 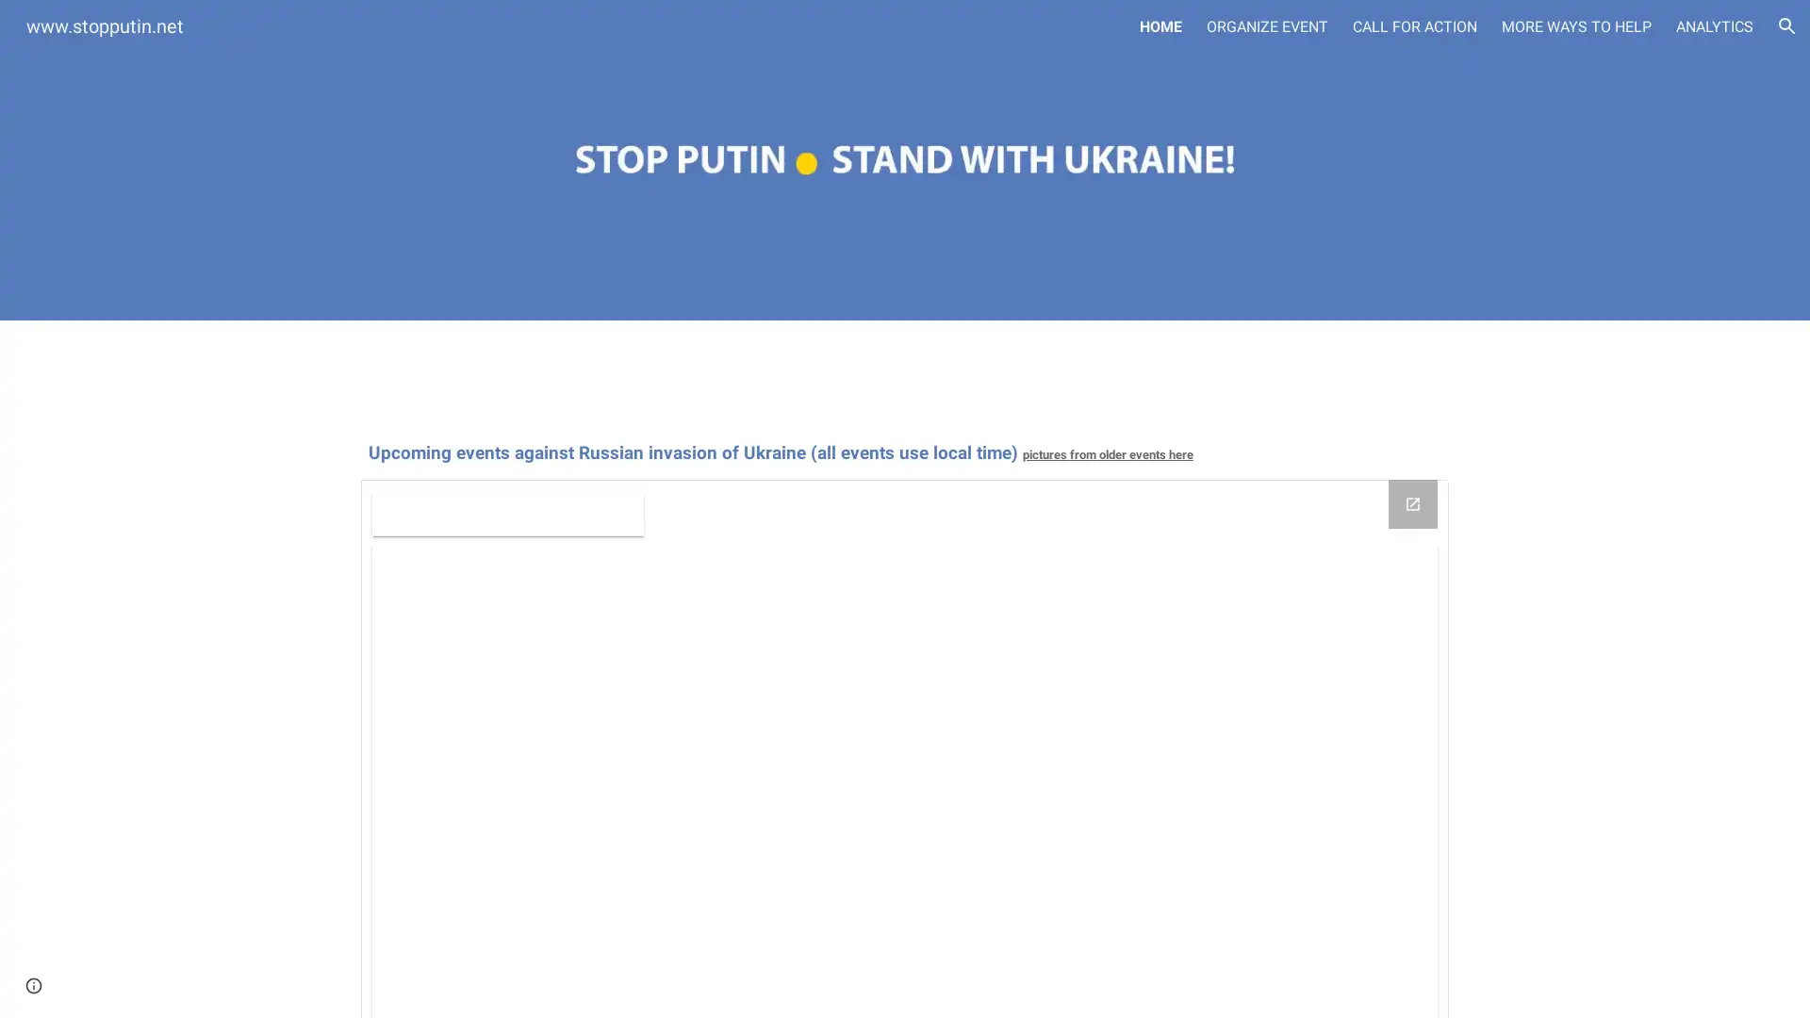 I want to click on Copy heading link, so click(x=1213, y=452).